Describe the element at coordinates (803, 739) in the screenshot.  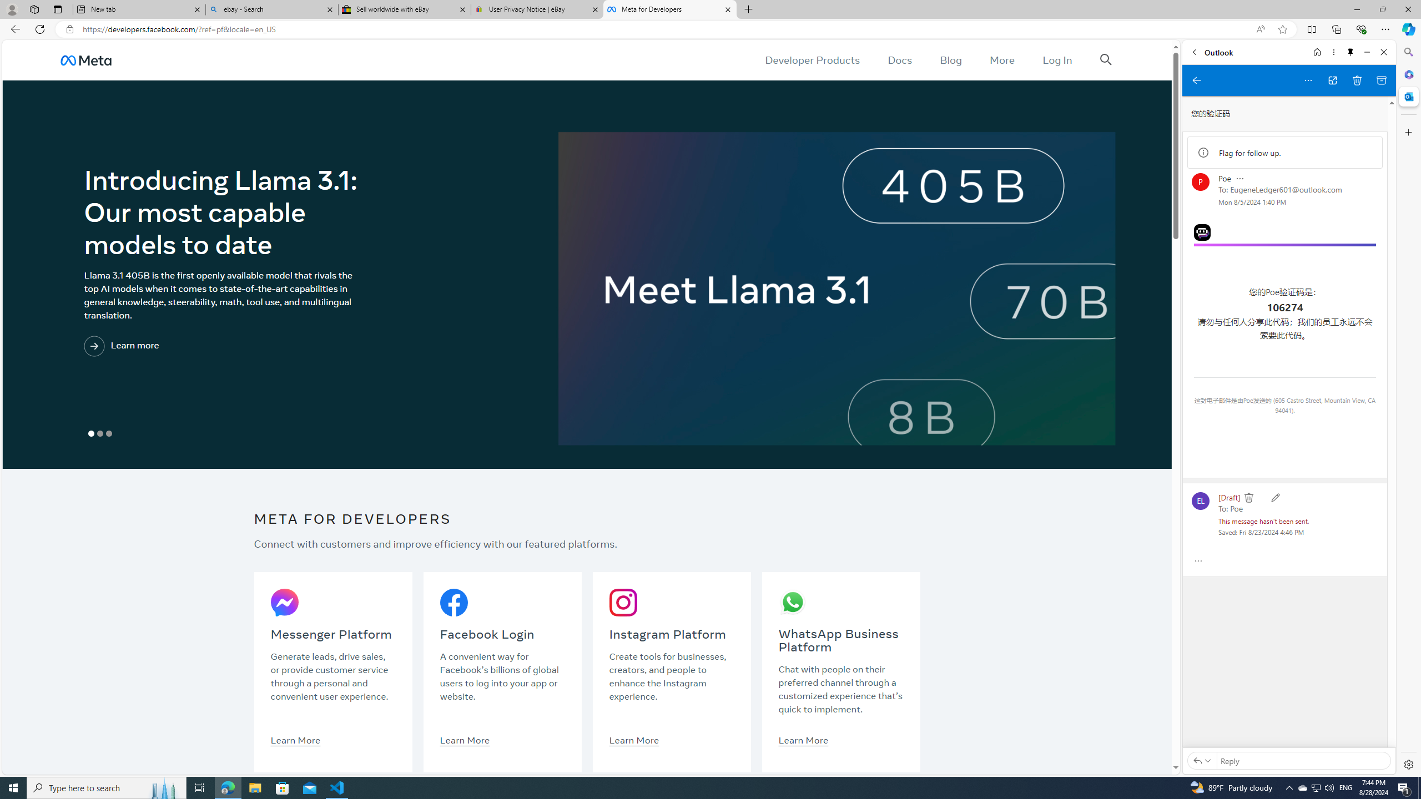
I see `'Learn More'` at that location.